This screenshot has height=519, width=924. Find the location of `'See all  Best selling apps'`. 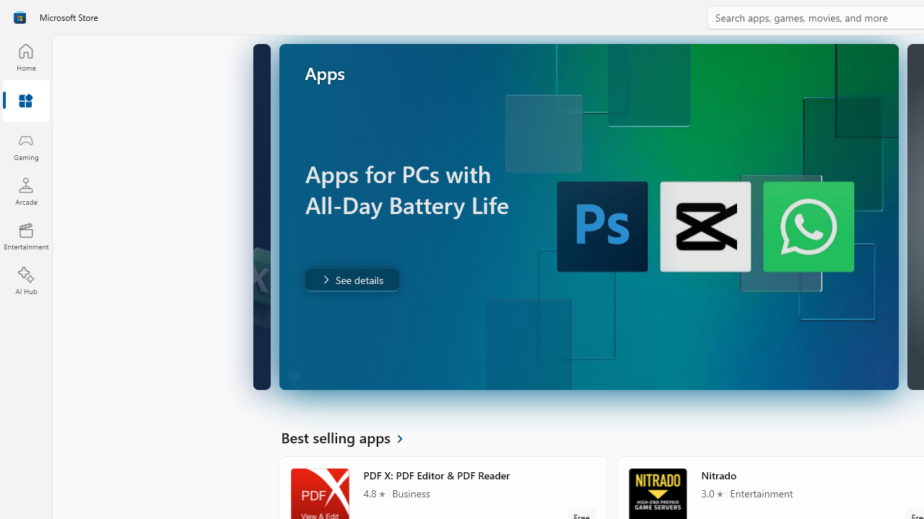

'See all  Best selling apps' is located at coordinates (350, 436).